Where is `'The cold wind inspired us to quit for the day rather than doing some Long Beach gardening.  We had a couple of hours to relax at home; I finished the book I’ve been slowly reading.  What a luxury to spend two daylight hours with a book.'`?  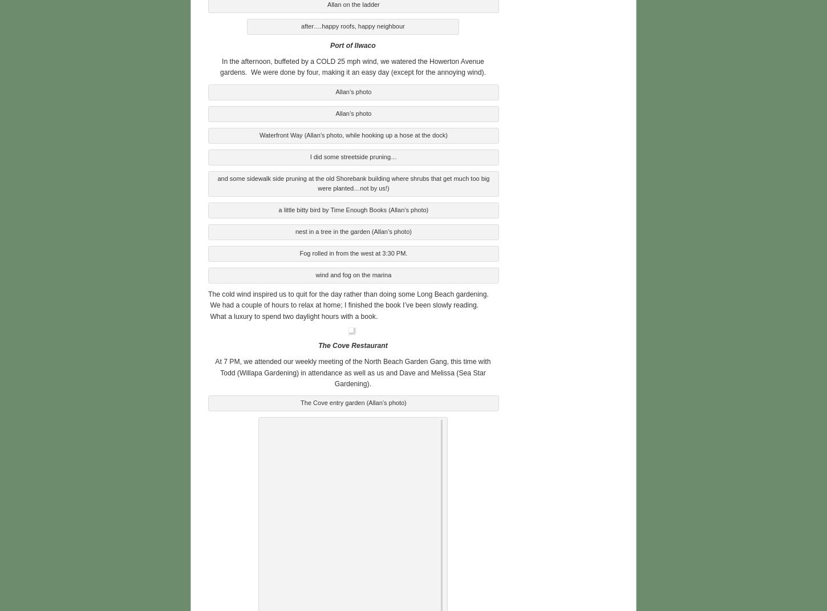
'The cold wind inspired us to quit for the day rather than doing some Long Beach gardening.  We had a couple of hours to relax at home; I finished the book I’ve been slowly reading.  What a luxury to spend two daylight hours with a book.' is located at coordinates (347, 303).